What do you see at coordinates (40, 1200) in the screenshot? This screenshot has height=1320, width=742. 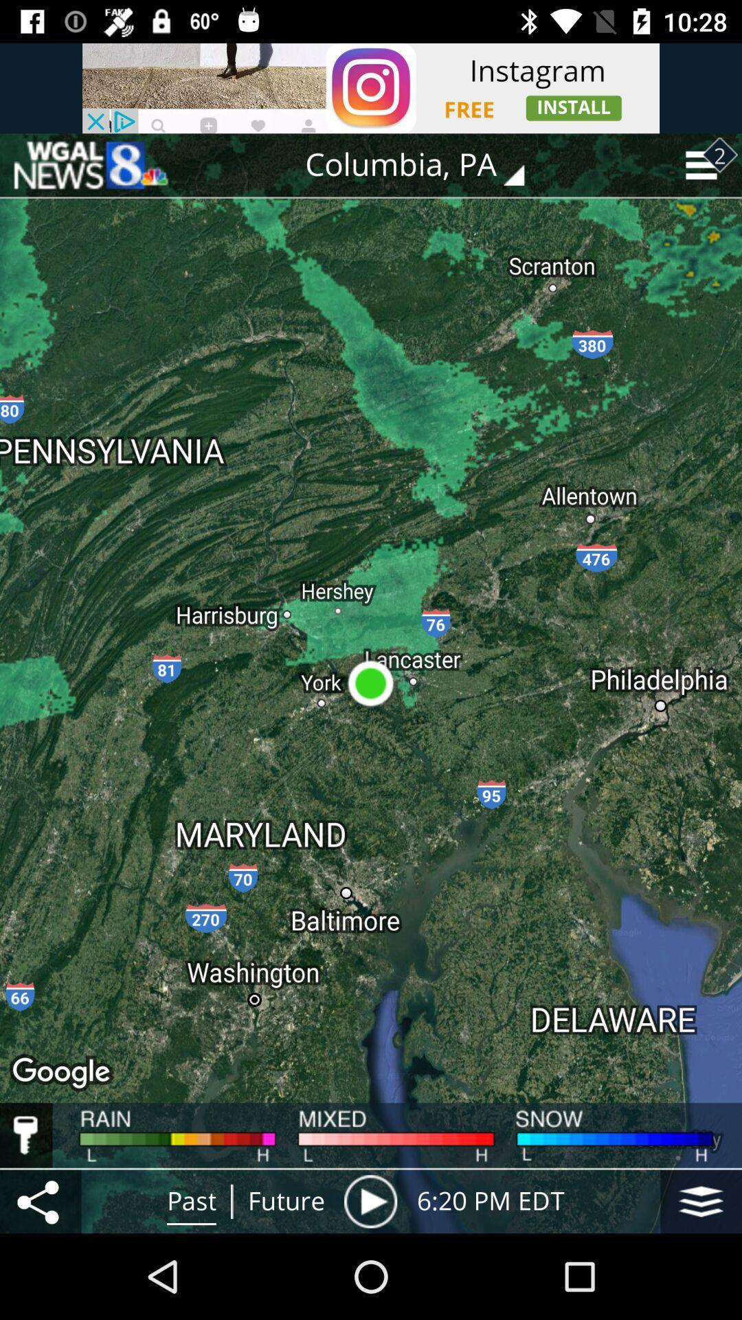 I see `the icon to the left of past icon` at bounding box center [40, 1200].